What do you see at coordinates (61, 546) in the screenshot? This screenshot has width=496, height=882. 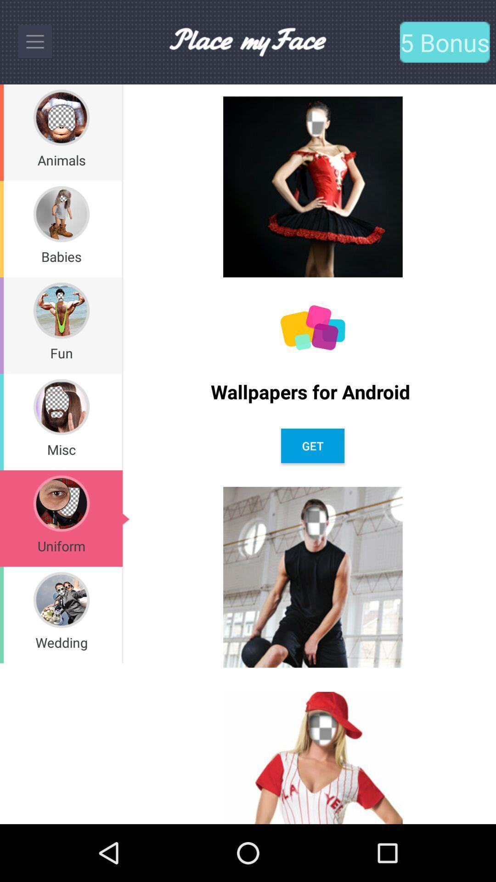 I see `uniform` at bounding box center [61, 546].